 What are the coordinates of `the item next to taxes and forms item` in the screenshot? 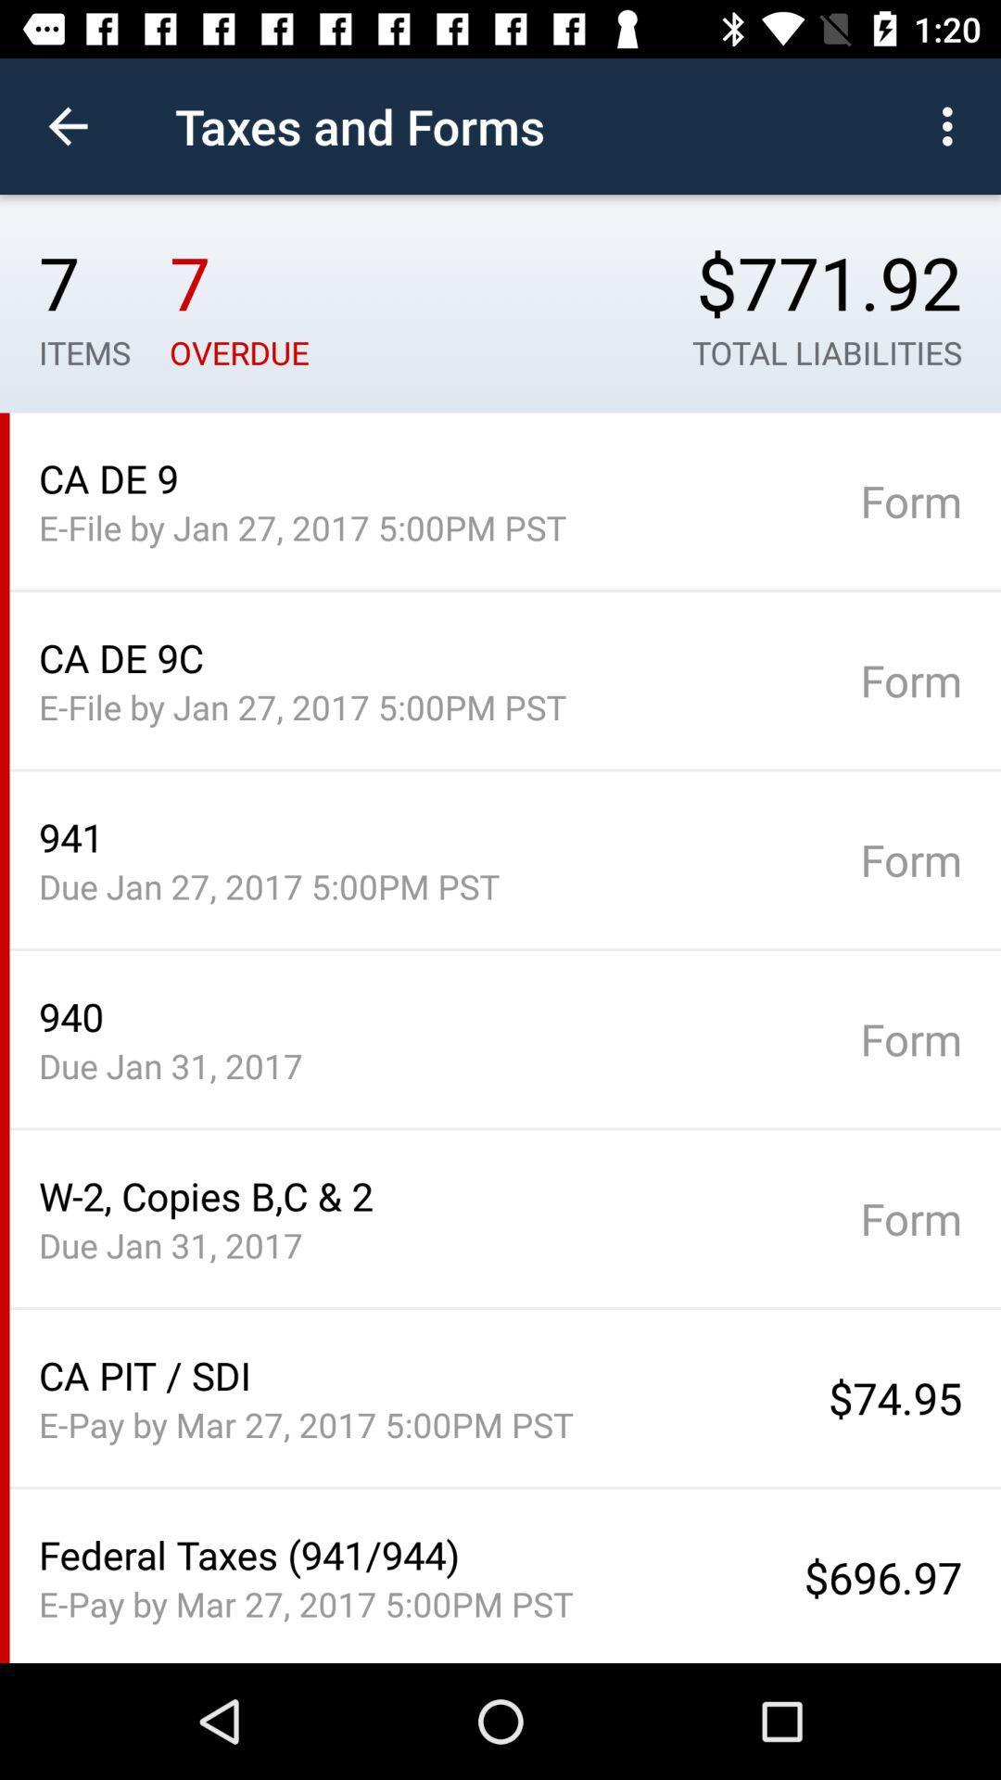 It's located at (67, 125).